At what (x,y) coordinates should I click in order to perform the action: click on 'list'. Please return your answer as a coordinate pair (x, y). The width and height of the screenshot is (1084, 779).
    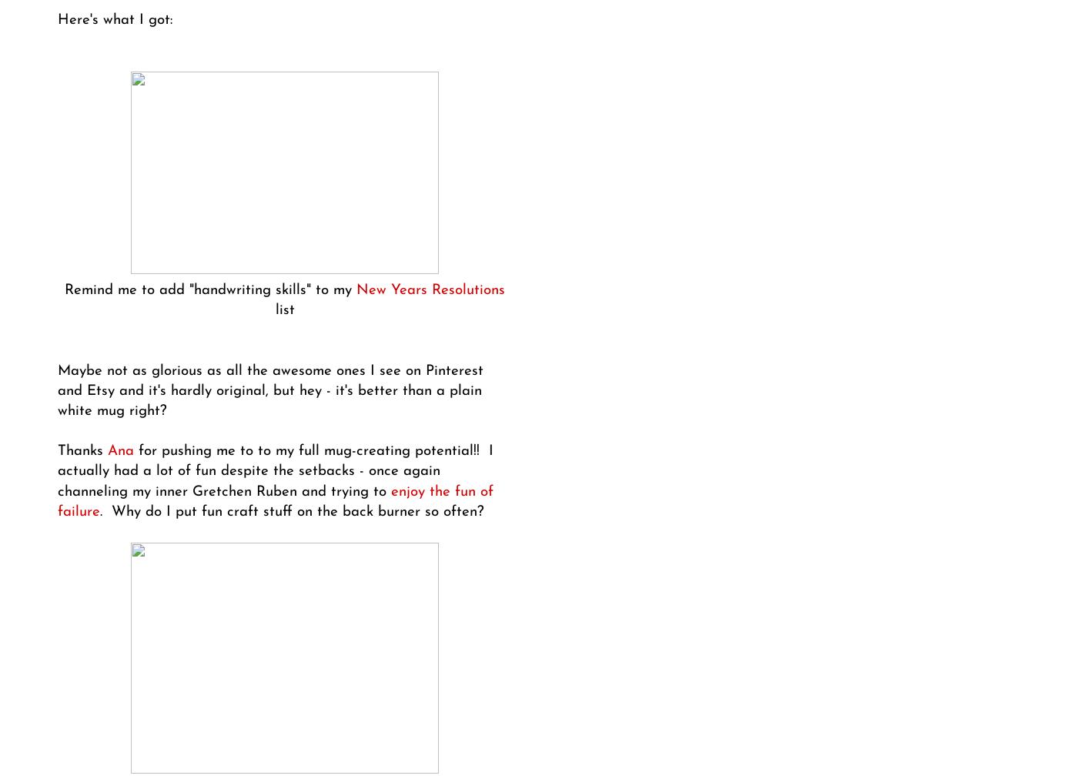
    Looking at the image, I should click on (283, 309).